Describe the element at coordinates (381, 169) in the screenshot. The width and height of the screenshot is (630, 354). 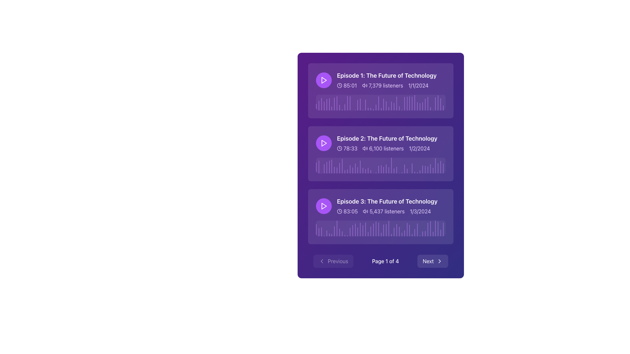
I see `the indicator or progress marker within the waveform representing Episode 2, which denotes the playhead position or a mark of interest in the playback timeline` at that location.